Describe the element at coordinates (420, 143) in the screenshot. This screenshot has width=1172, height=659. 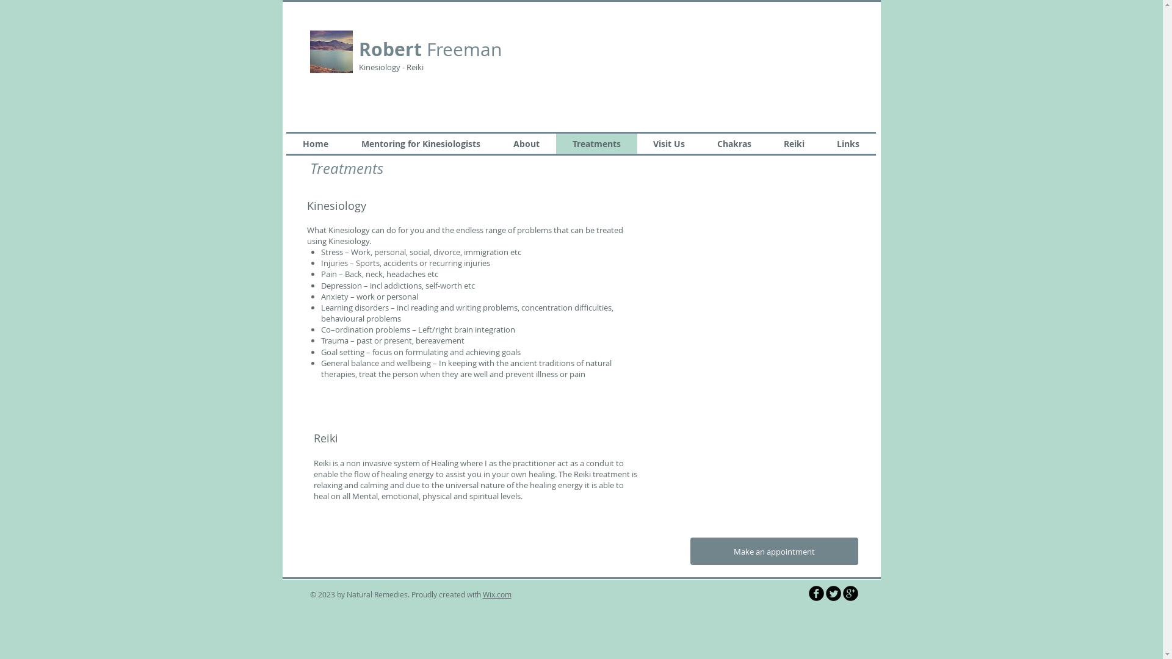
I see `'Mentoring for Kinesiologists'` at that location.